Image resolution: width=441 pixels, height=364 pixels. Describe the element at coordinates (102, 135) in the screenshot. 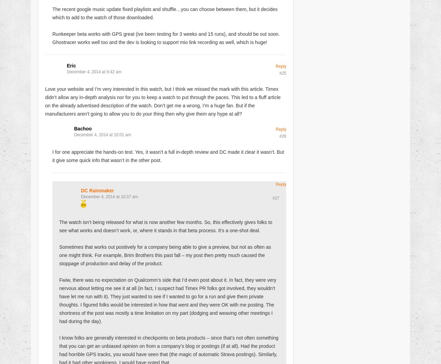

I see `'December 4, 2014 at 10:01 am'` at that location.